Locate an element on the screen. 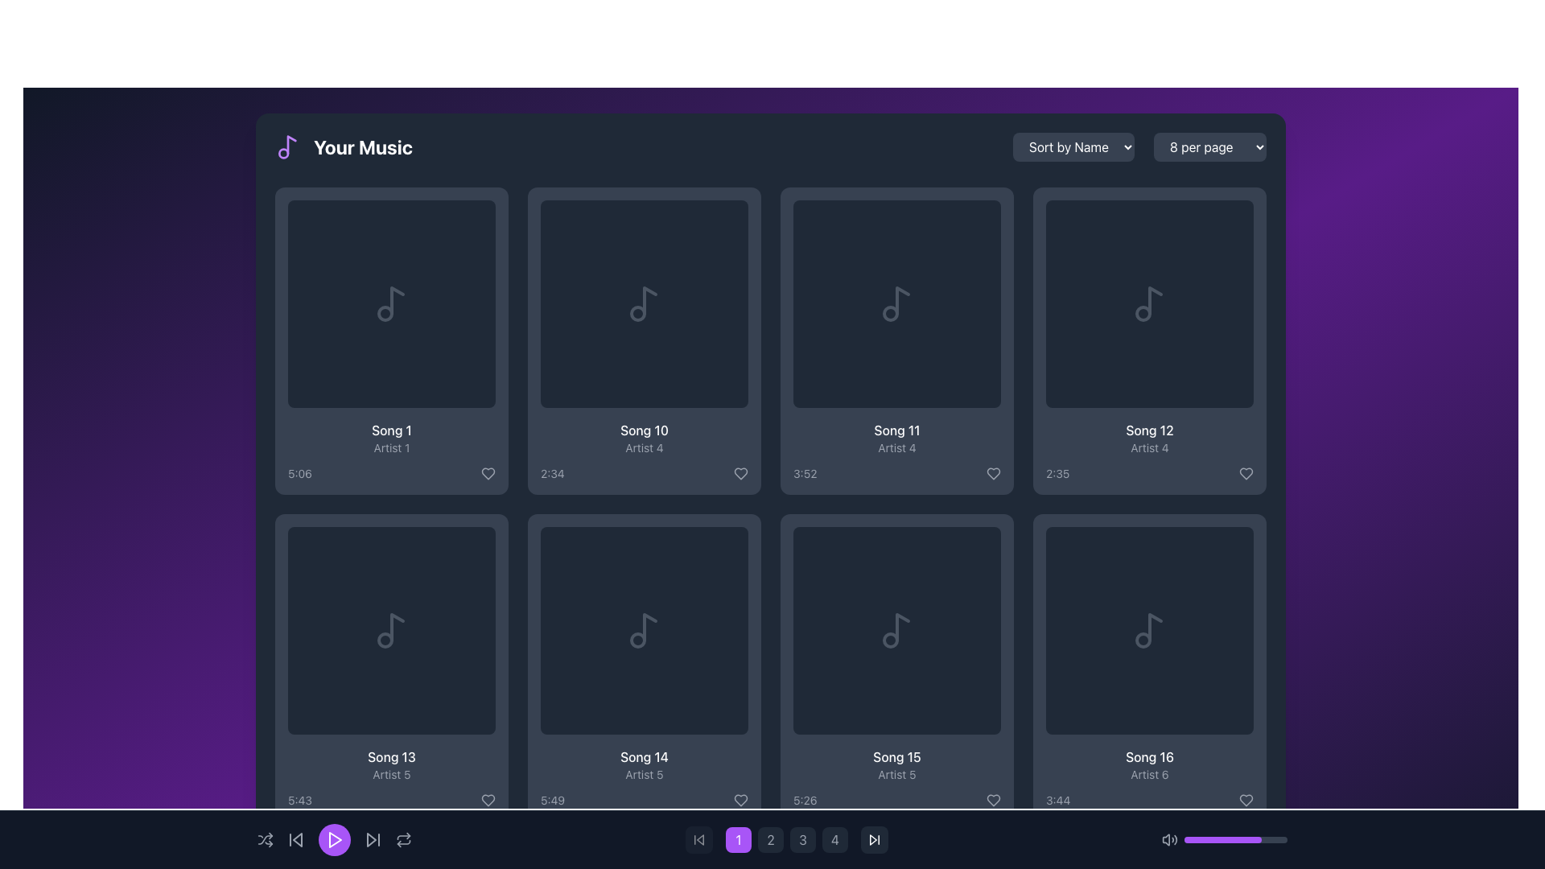  the decorative SVG circle element that is part of the musical note icon for the song 'Song 14' by 'Artist 5', located in the fourth row and second column of the grid is located at coordinates (637, 639).